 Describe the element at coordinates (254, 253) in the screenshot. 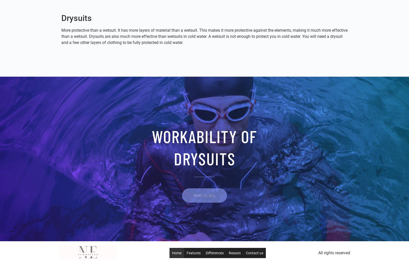

I see `'Contact us'` at that location.